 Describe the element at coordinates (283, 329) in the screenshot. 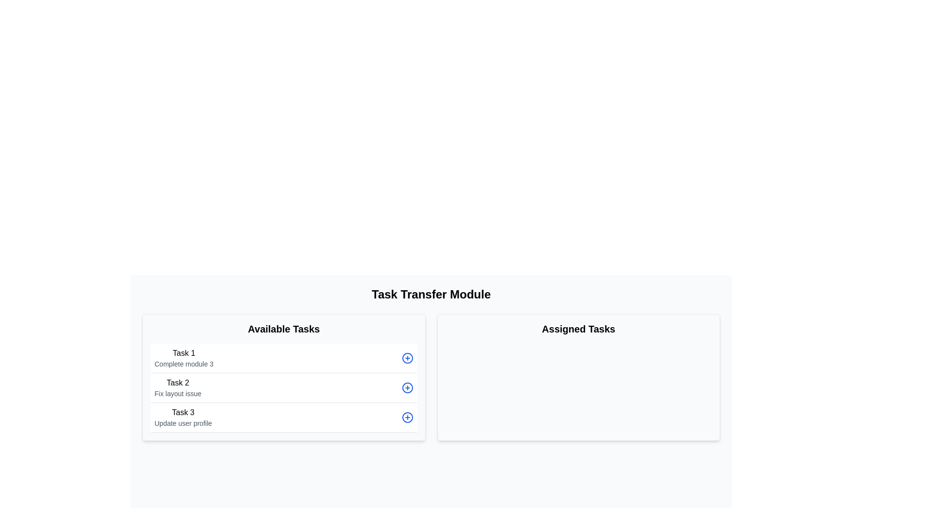

I see `the 'Available Tasks' text label, which is styled in bold and large font, located at the top of the left-hand section of the interface, above a vertical list of tasks` at that location.